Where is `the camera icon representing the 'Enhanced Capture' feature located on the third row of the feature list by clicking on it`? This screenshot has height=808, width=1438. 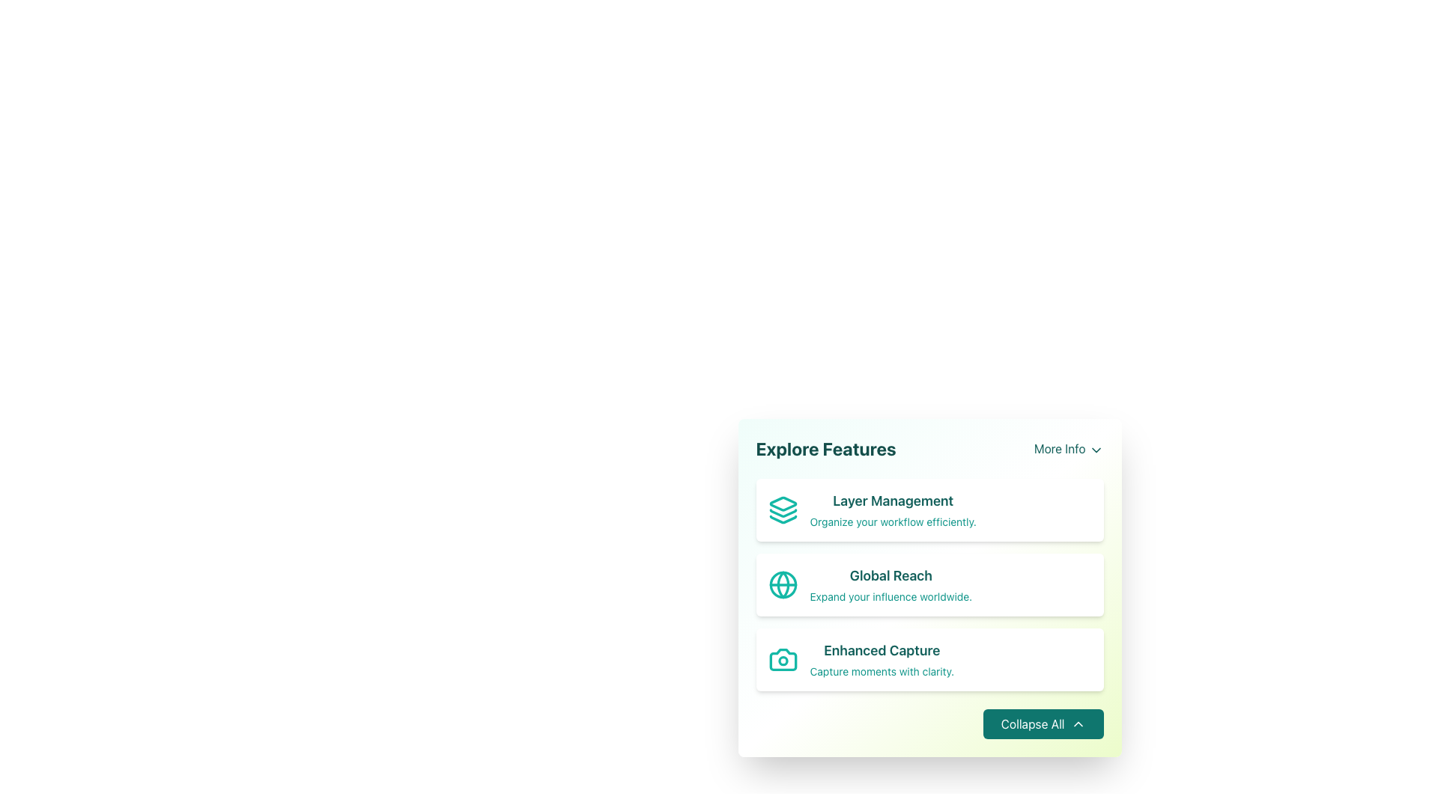
the camera icon representing the 'Enhanced Capture' feature located on the third row of the feature list by clicking on it is located at coordinates (782, 659).